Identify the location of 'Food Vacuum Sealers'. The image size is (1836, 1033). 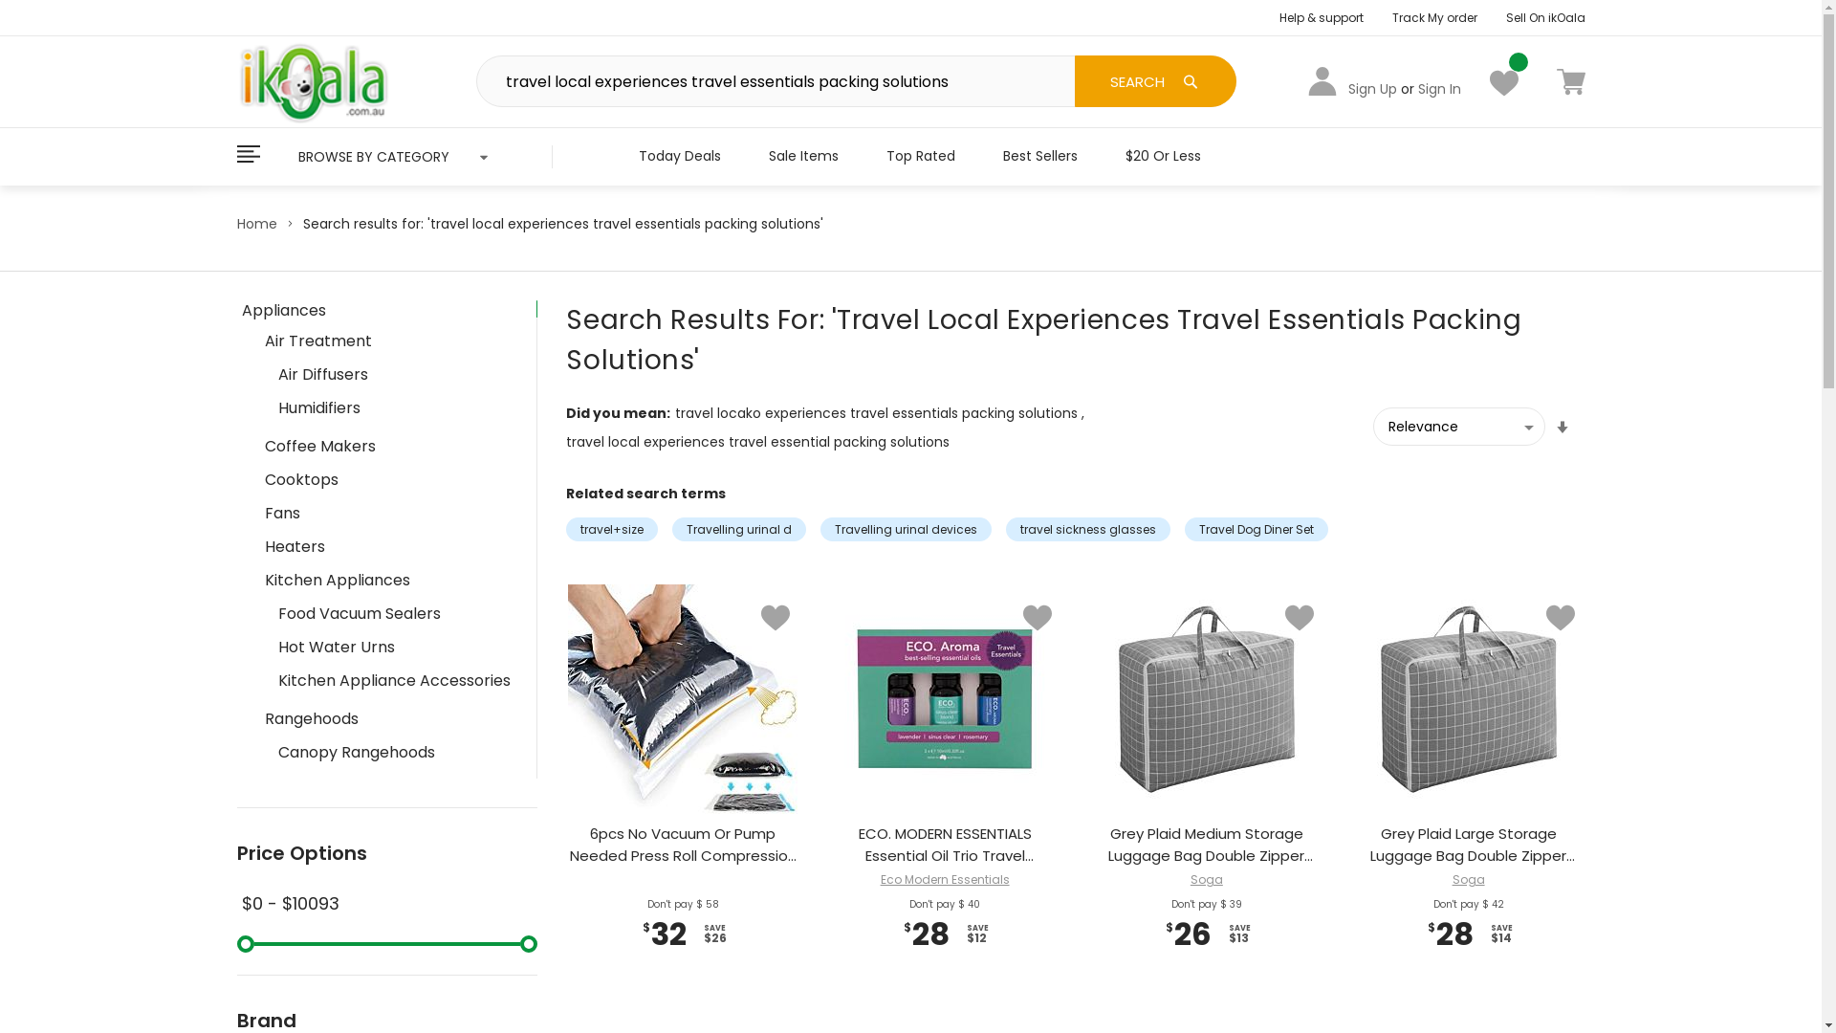
(393, 612).